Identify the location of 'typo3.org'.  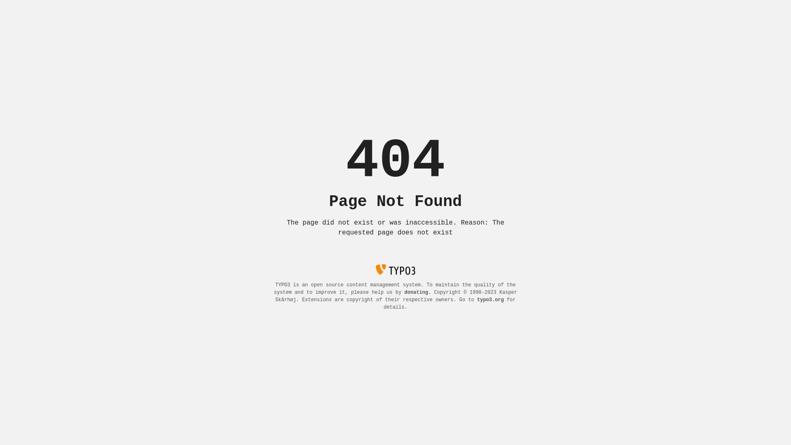
(490, 300).